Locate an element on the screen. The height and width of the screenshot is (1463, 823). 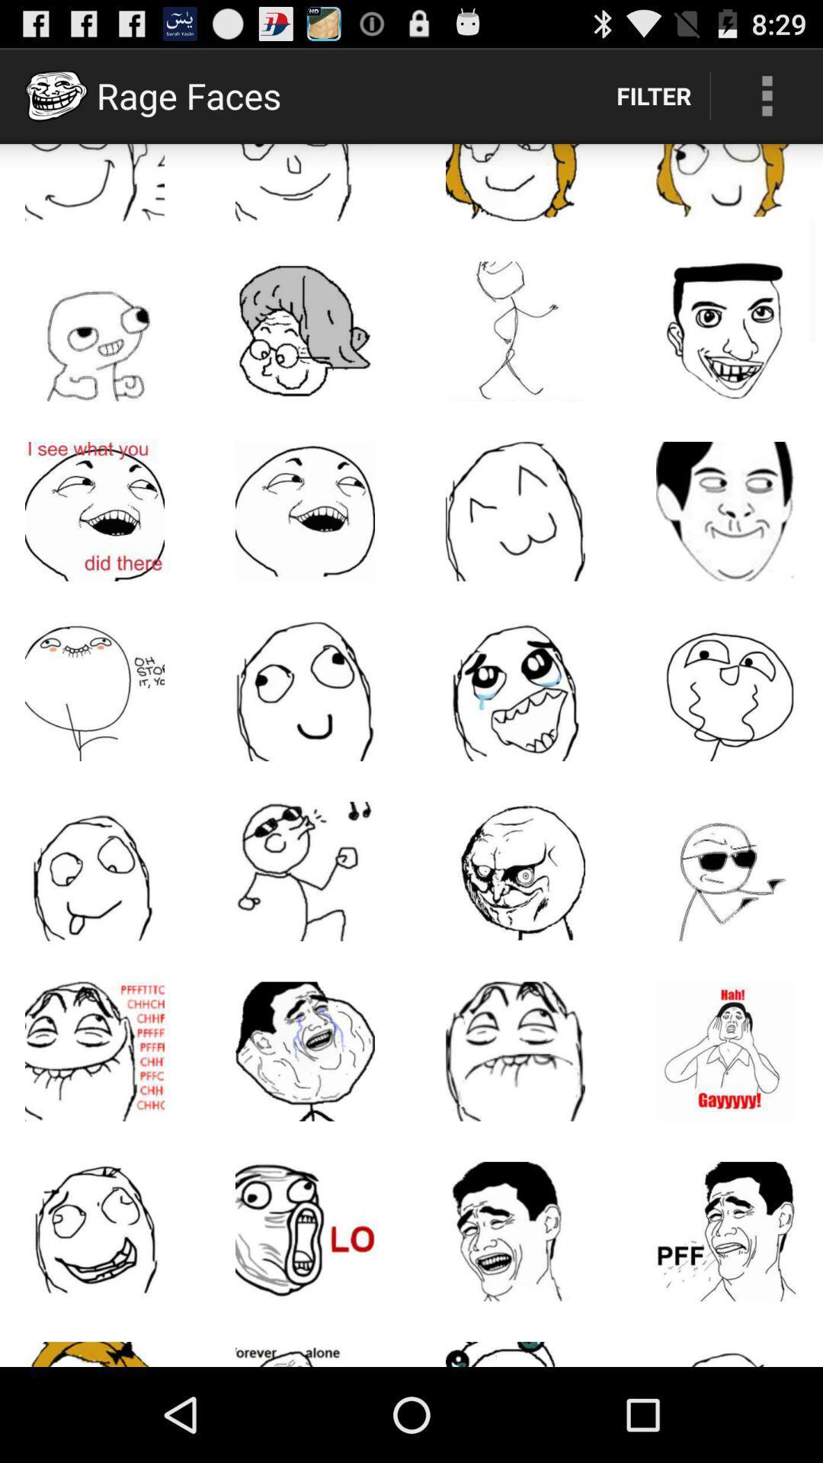
the item to the right of the filter item is located at coordinates (767, 94).